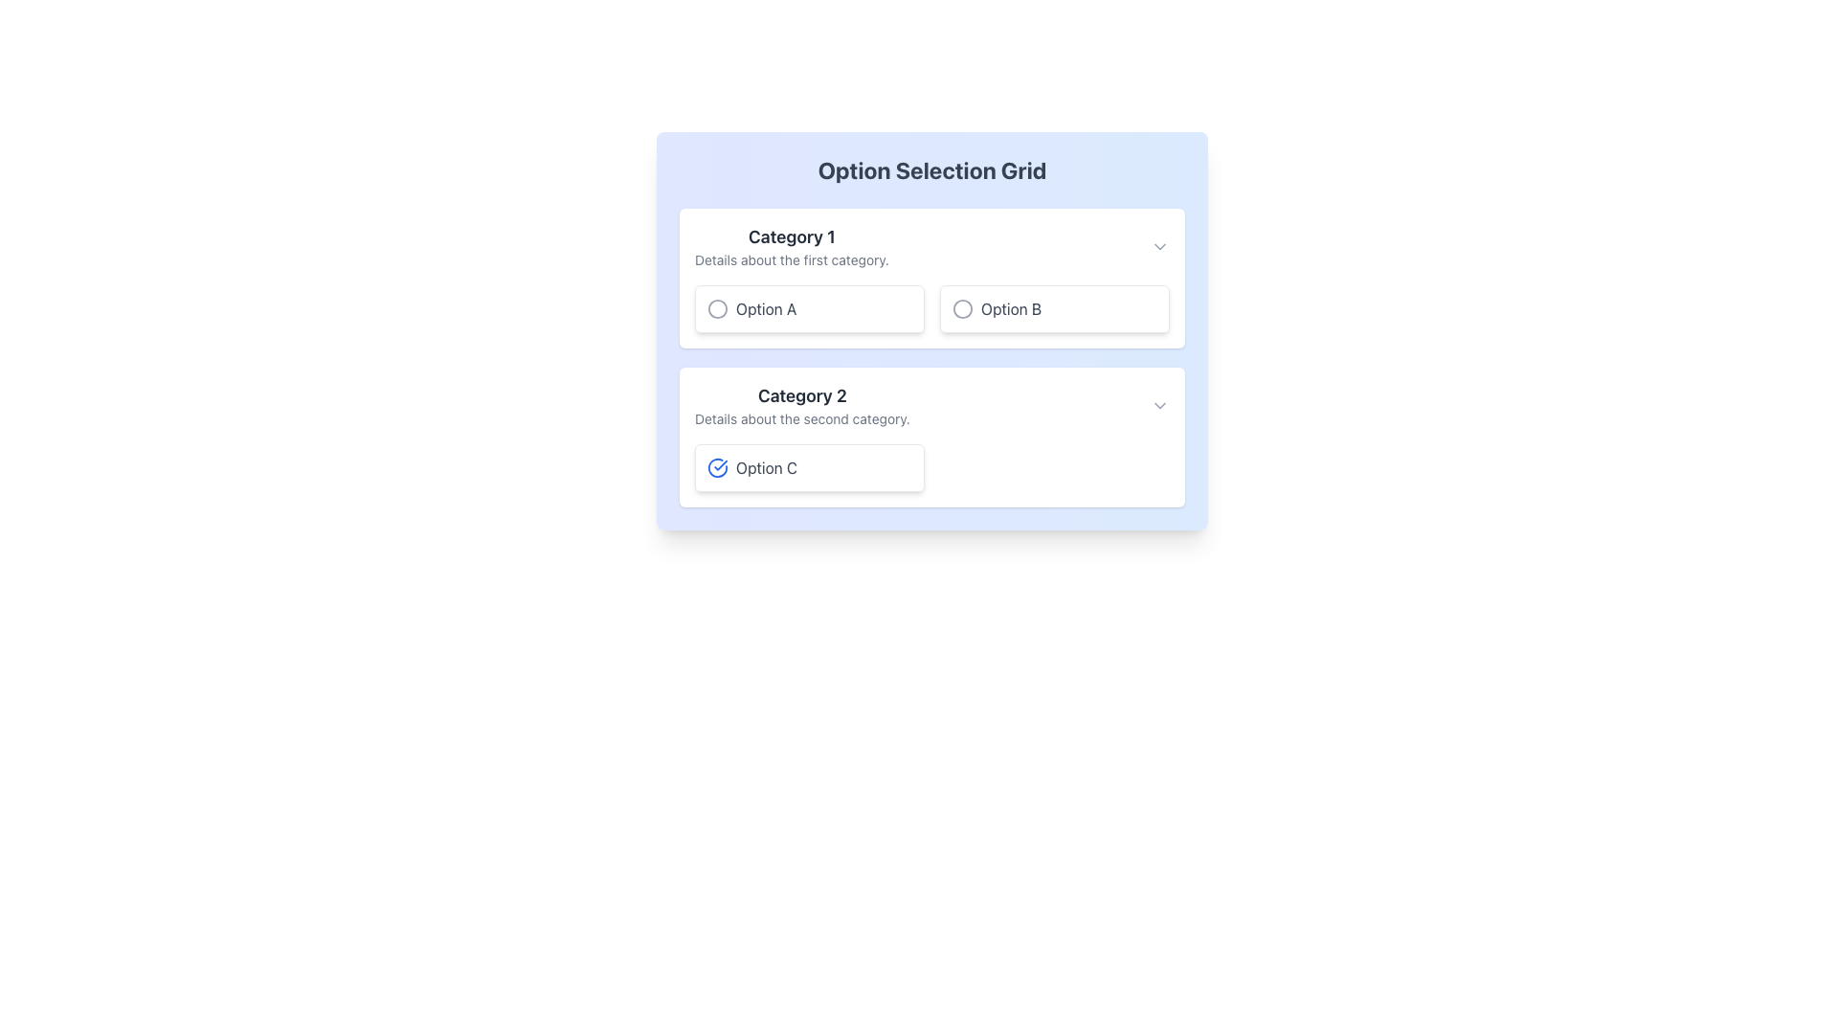  Describe the element at coordinates (1158, 405) in the screenshot. I see `the downwards-pointing gray chevron icon located at the far right of the 'Category 2' panel's header row, next to the text 'Category 2'` at that location.